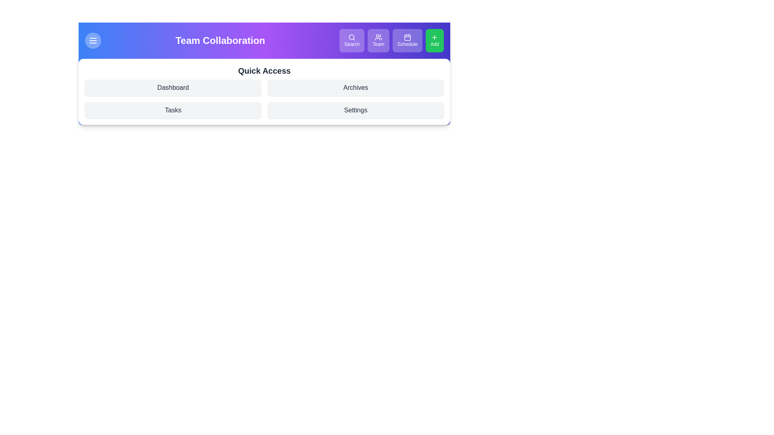 This screenshot has width=774, height=435. I want to click on the Schedule button in the navigation bar, so click(407, 40).